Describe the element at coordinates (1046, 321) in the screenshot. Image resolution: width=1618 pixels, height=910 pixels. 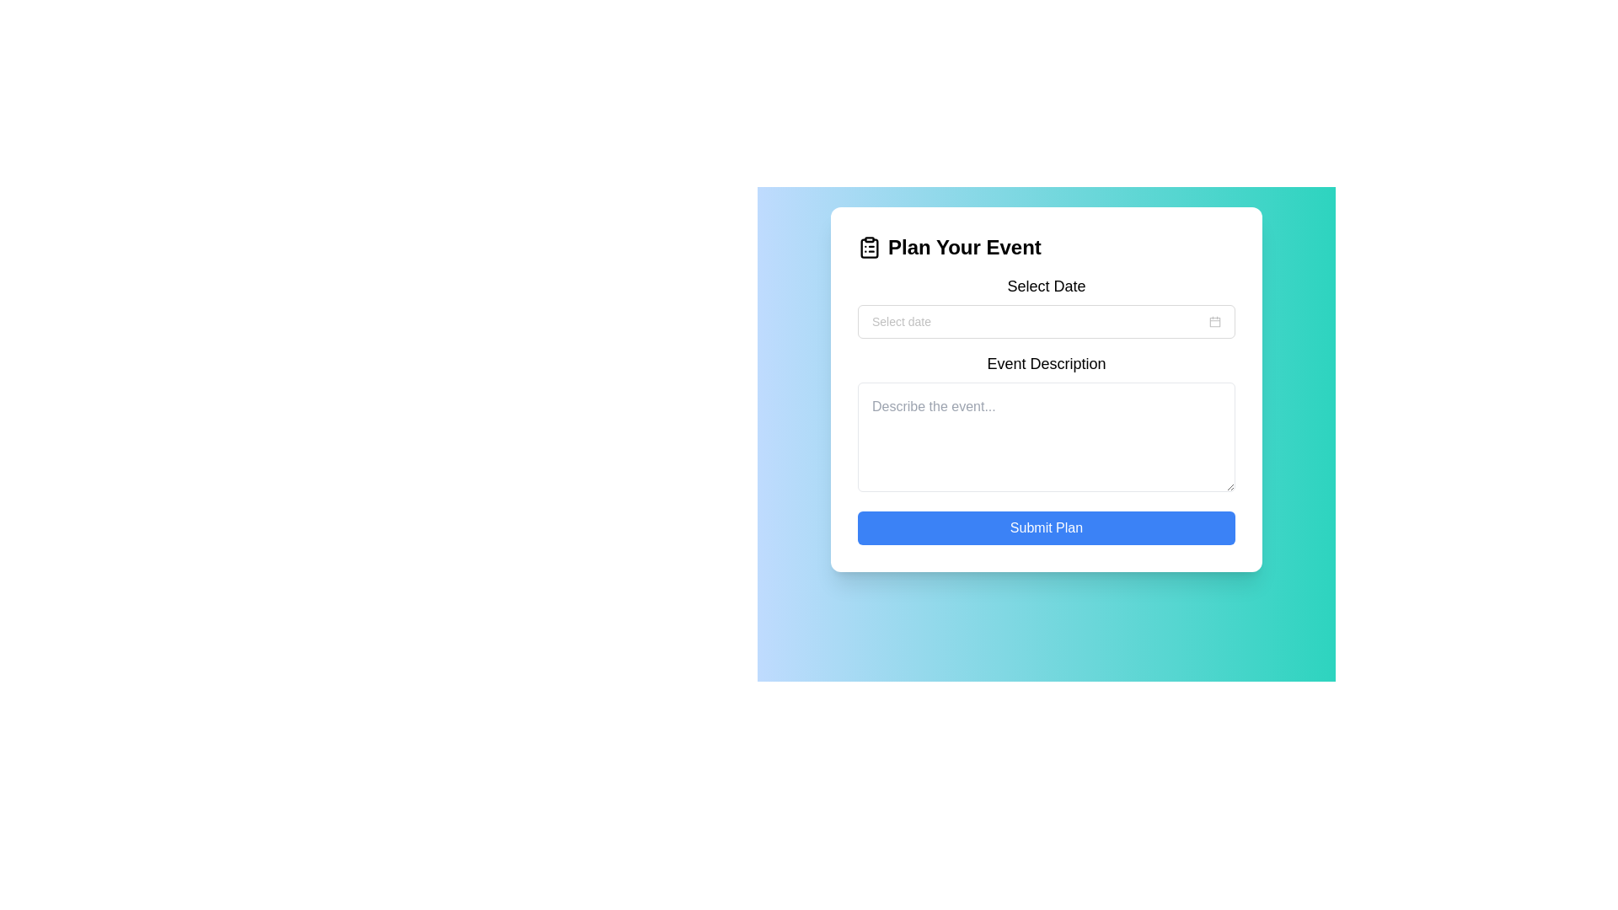
I see `the Date Picker Input Field with rounded border and placeholder 'Select date'` at that location.